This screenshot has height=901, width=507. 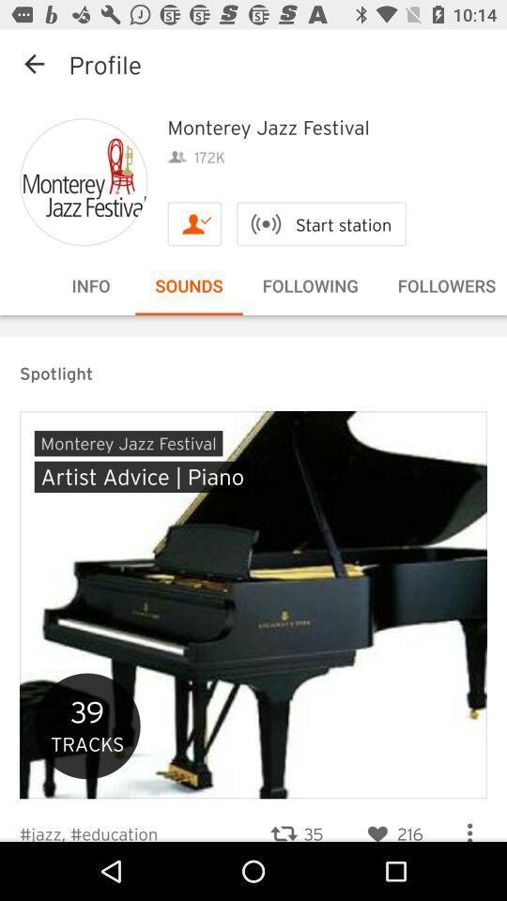 What do you see at coordinates (34, 64) in the screenshot?
I see `icon next to profile item` at bounding box center [34, 64].